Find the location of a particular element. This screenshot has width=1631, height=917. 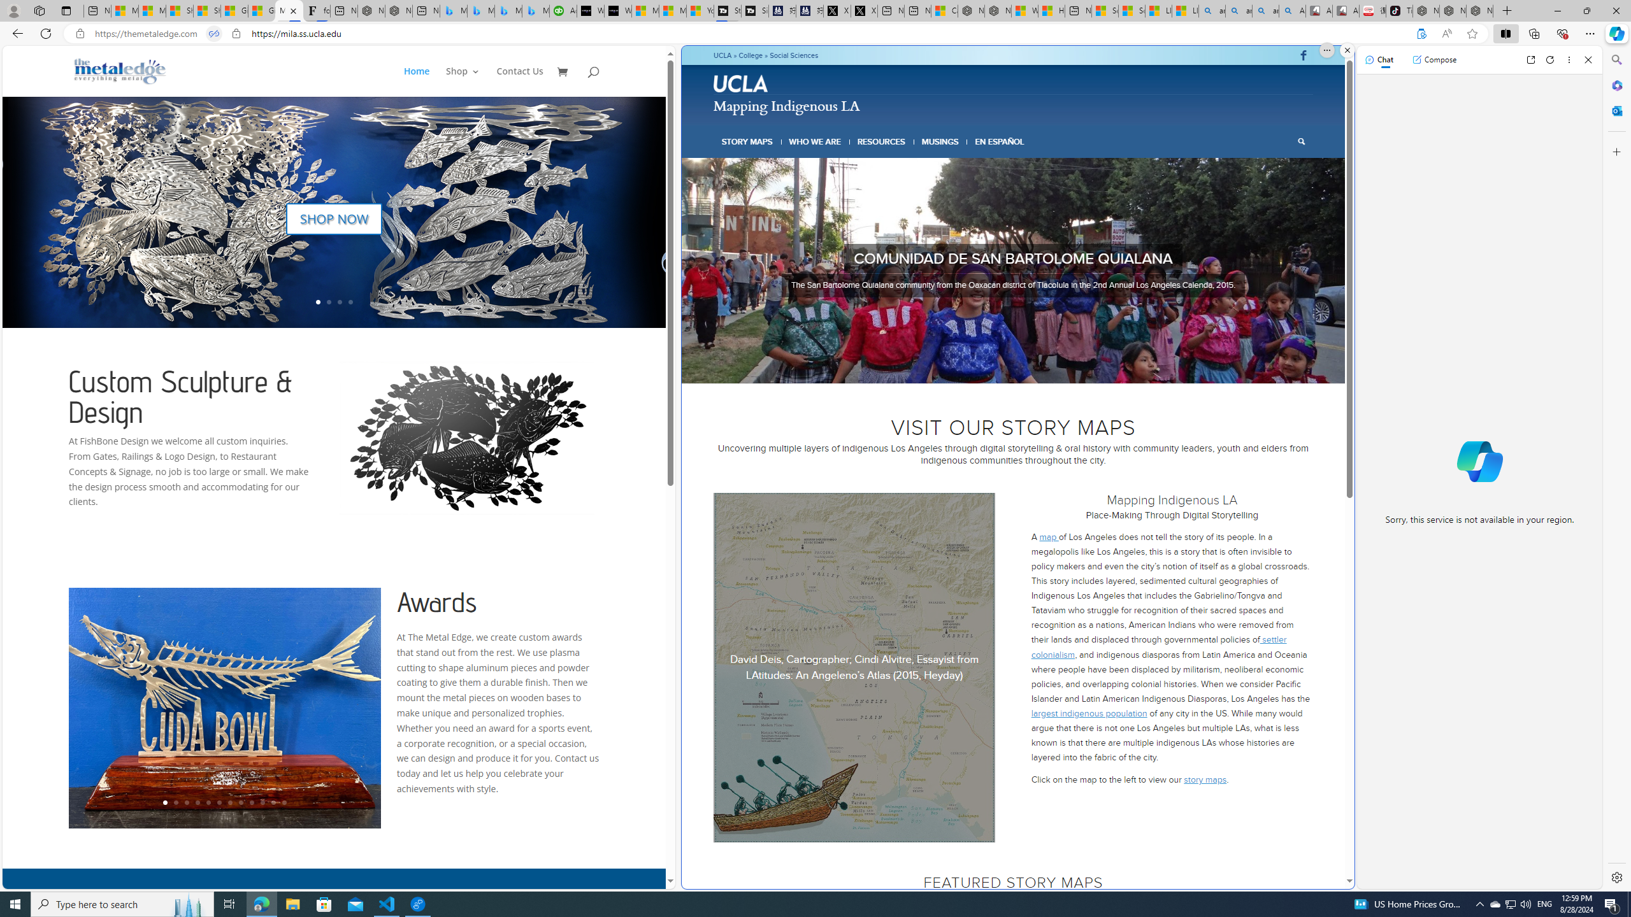

'map ' is located at coordinates (1049, 536).